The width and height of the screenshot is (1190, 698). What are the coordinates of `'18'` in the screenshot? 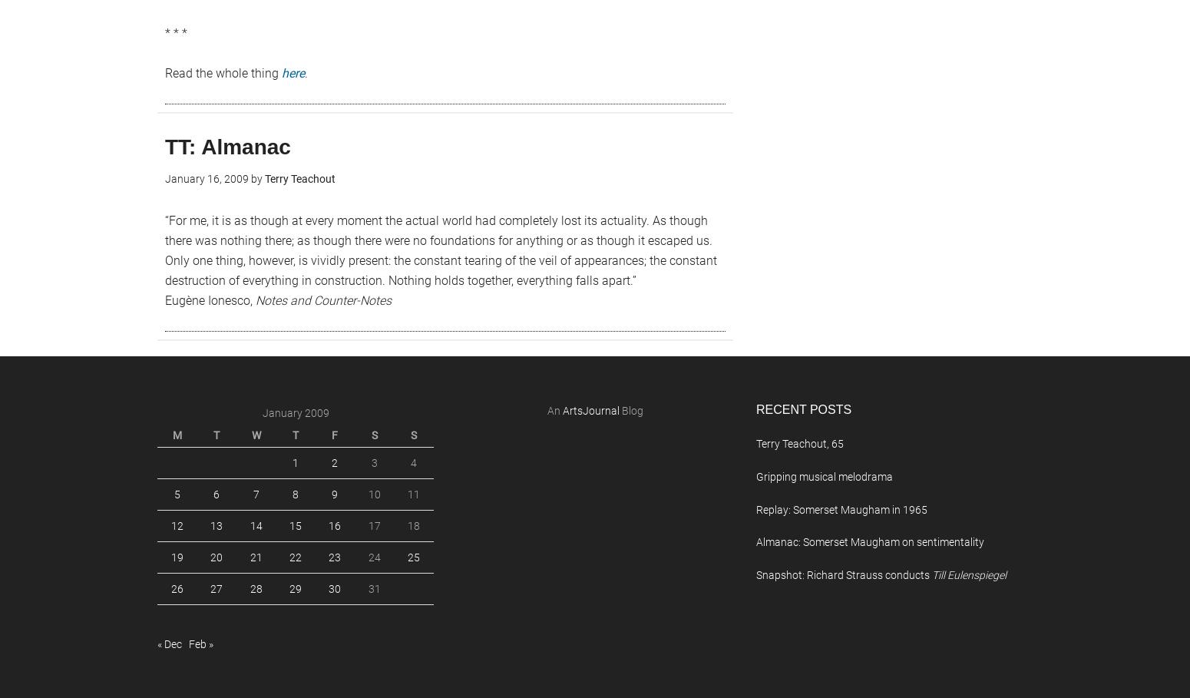 It's located at (412, 526).